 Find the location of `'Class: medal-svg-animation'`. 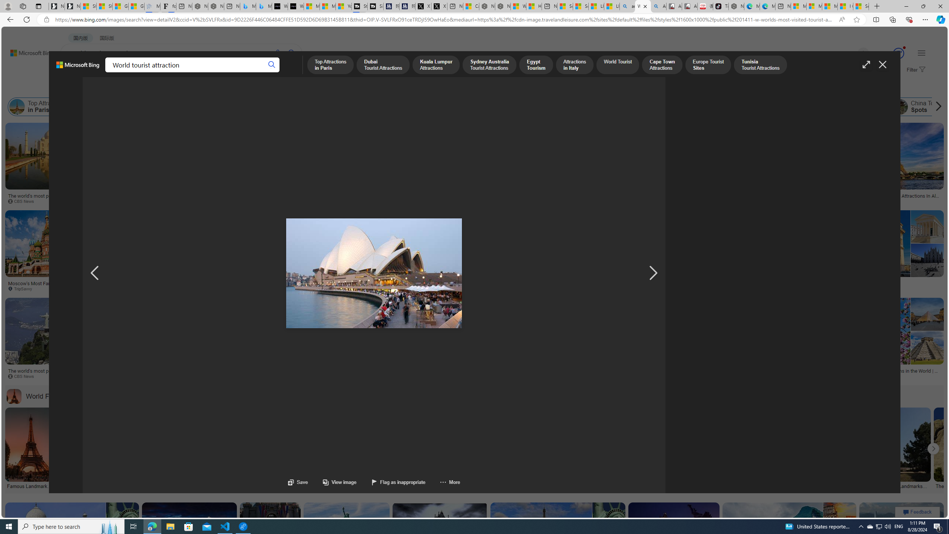

'Class: medal-svg-animation' is located at coordinates (899, 53).